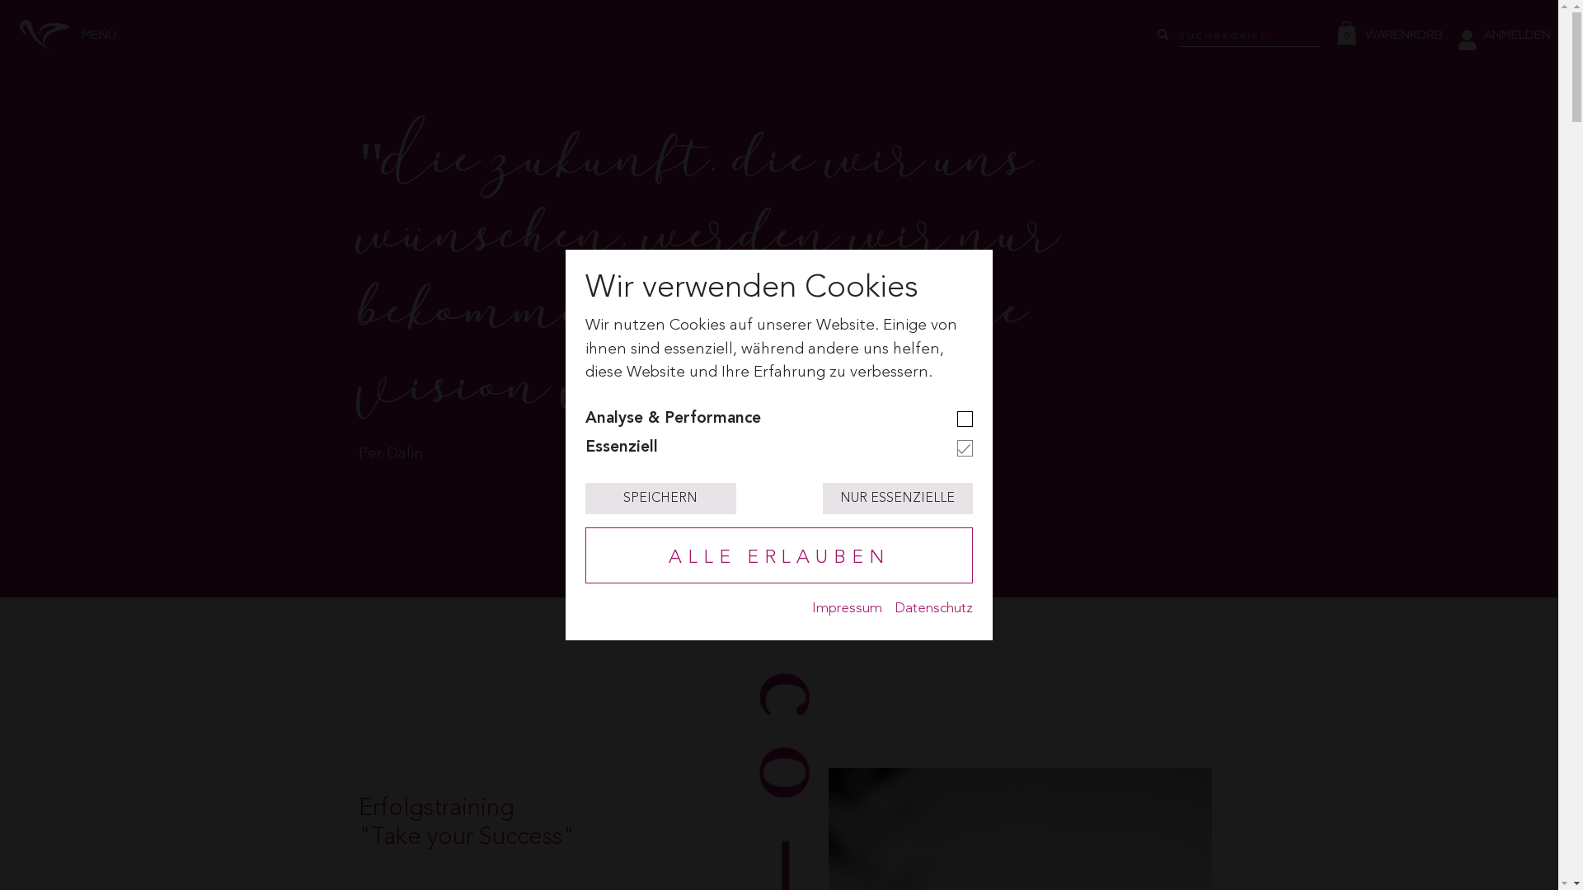 This screenshot has width=1583, height=890. I want to click on '0, so click(1392, 35).